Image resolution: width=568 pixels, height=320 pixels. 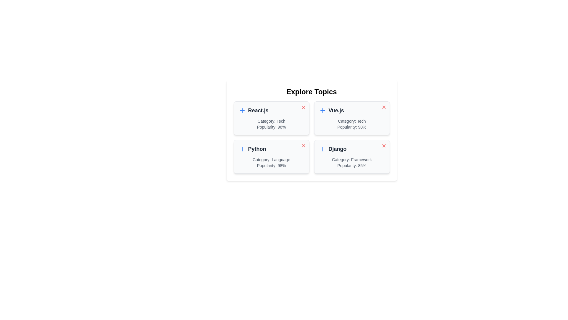 What do you see at coordinates (322, 111) in the screenshot?
I see `the add button icon for the topic Vue.js` at bounding box center [322, 111].